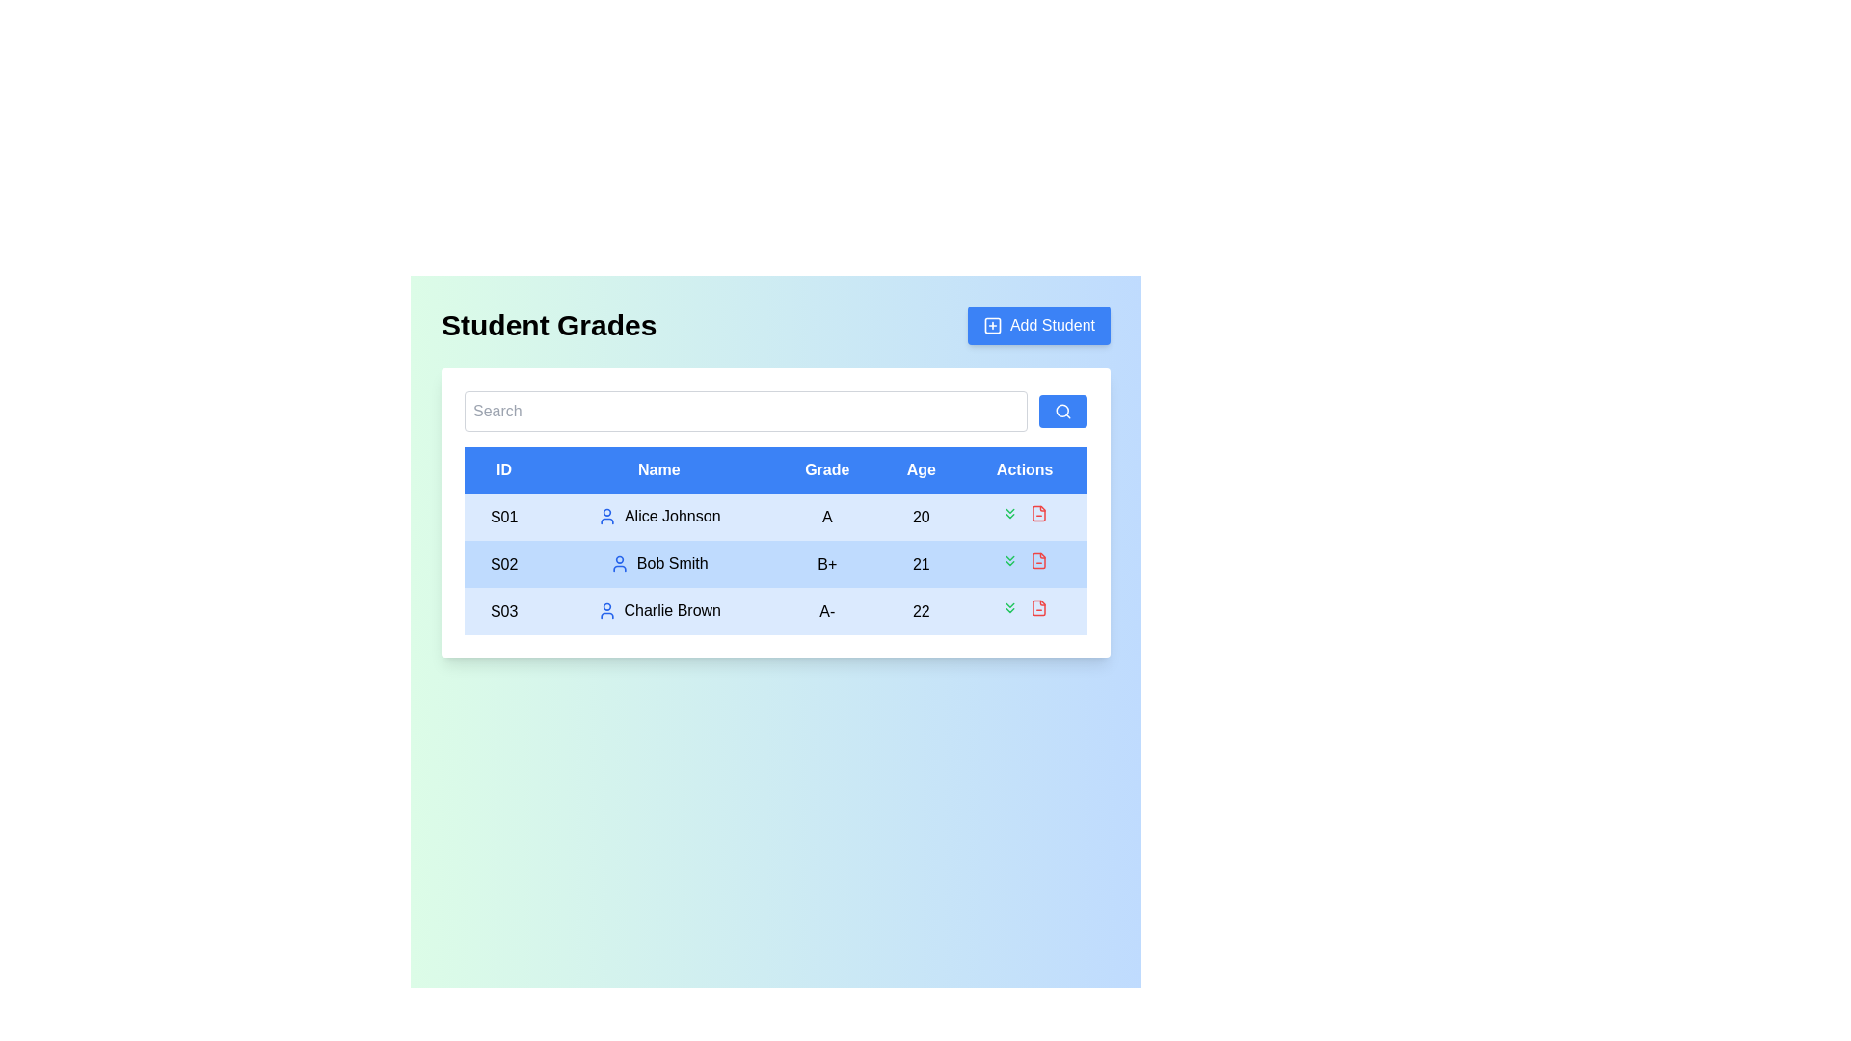 The height and width of the screenshot is (1041, 1851). I want to click on the delete icon in the Actions column for the third student row (Charlie Brown), so click(1038, 608).